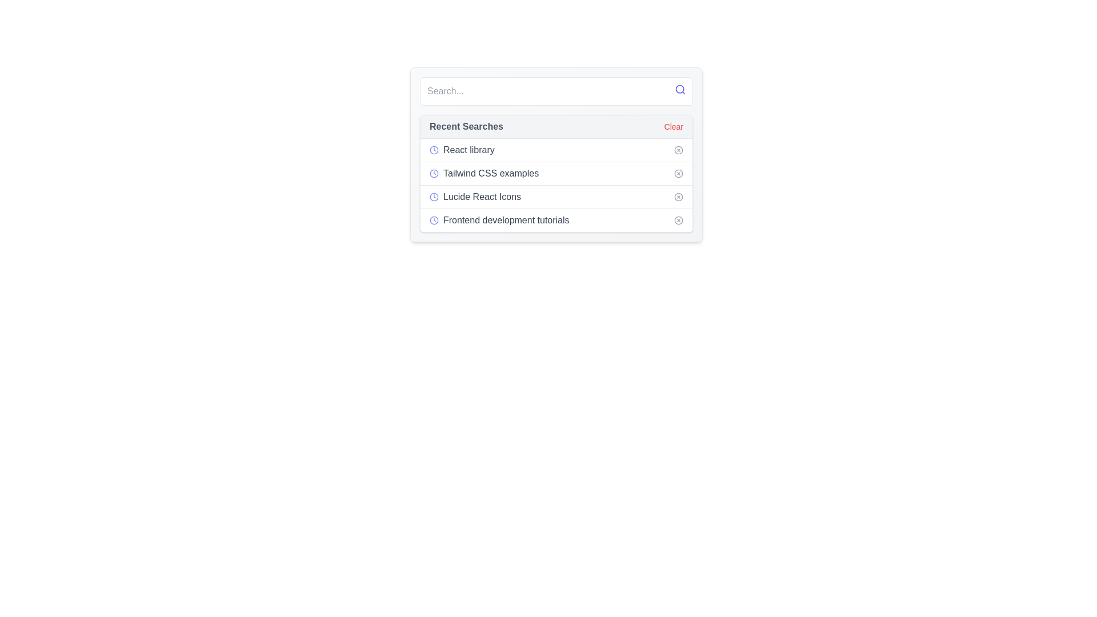  What do you see at coordinates (679, 174) in the screenshot?
I see `the interactive button with a circular 'X' icon that changes color to red when hovered upon, located at the rightmost area of the 'Tailwind CSS examples' row` at bounding box center [679, 174].